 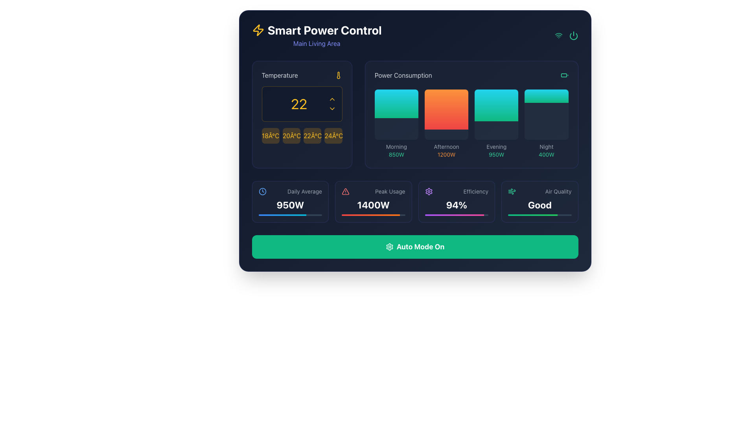 I want to click on the button that allows users, so click(x=312, y=135).